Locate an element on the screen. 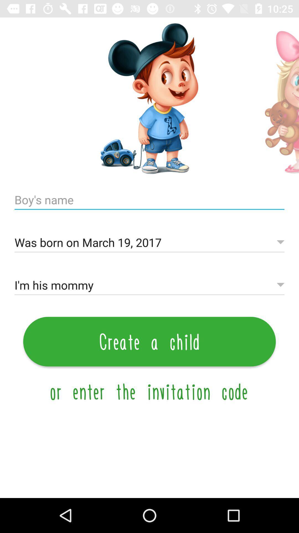  the was born on is located at coordinates (149, 243).